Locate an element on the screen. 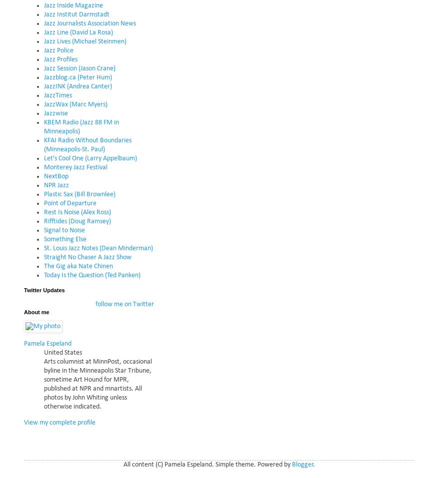 Image resolution: width=434 pixels, height=478 pixels. 'Twitter Updates' is located at coordinates (24, 289).